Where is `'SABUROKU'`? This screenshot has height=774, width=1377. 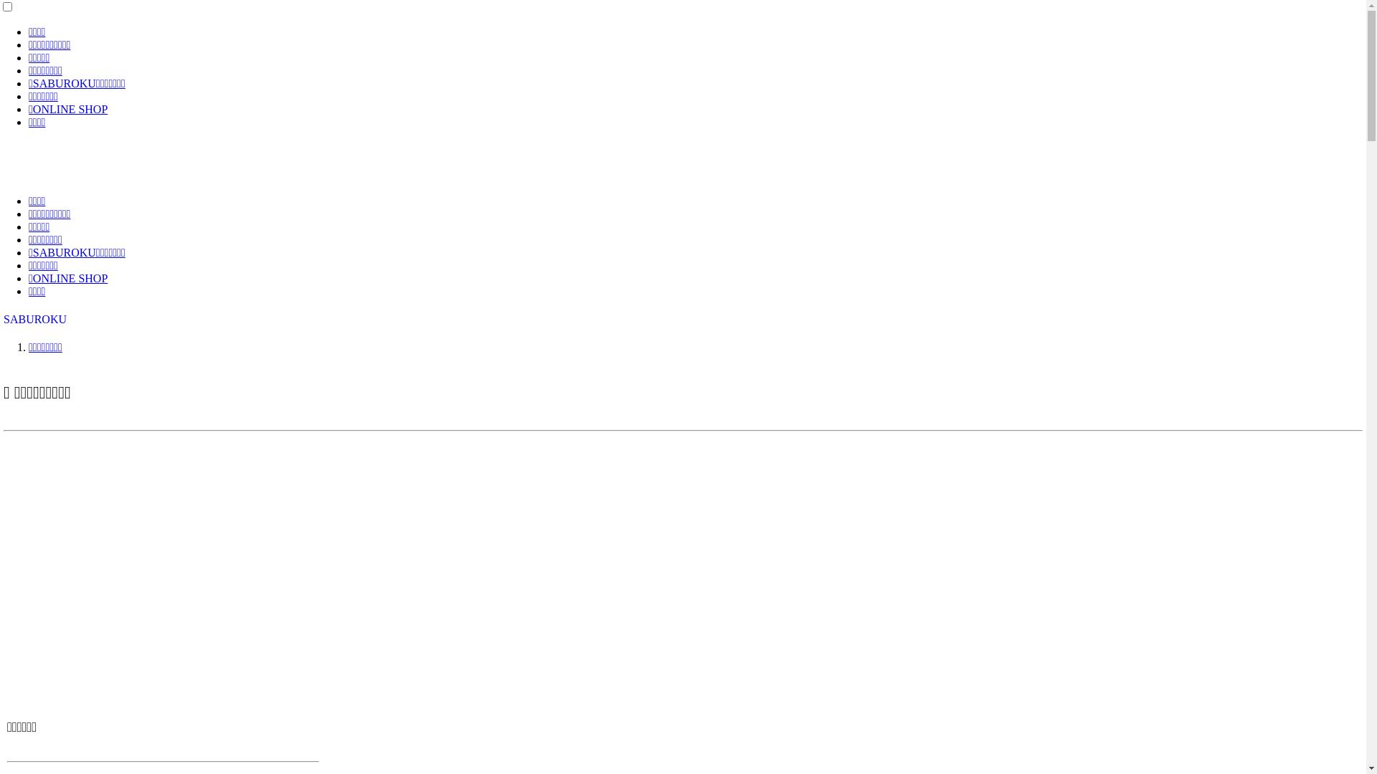
'SABUROKU' is located at coordinates (34, 318).